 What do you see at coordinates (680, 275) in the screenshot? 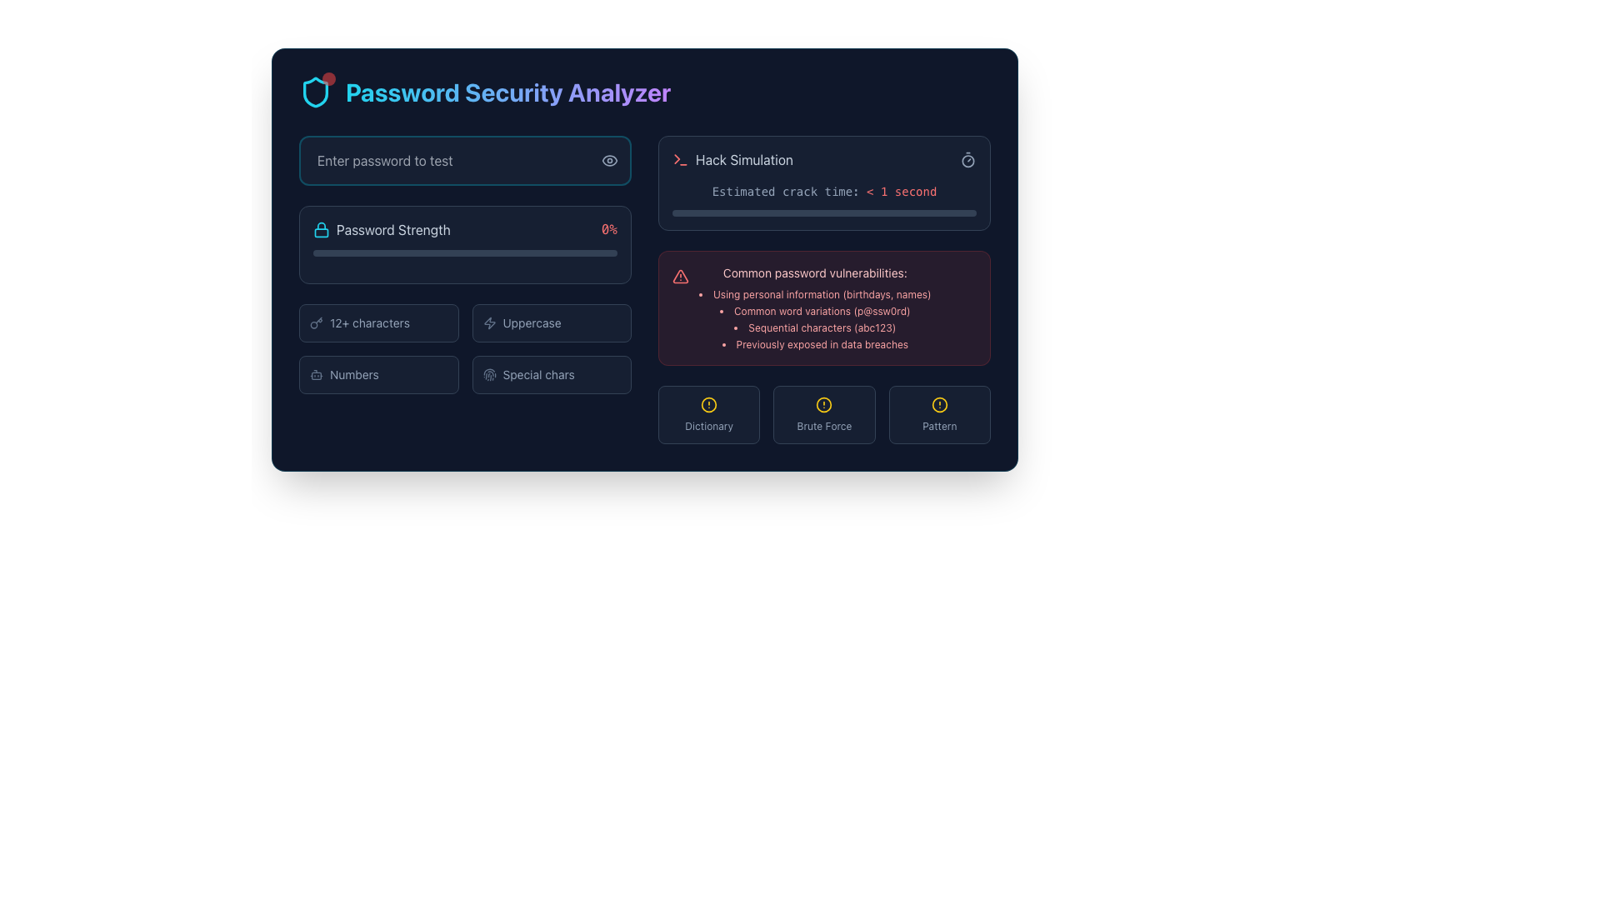
I see `the alert icon positioned at the top-left corner of the rectangular box labeled 'Common password vulnerabilities:'` at bounding box center [680, 275].